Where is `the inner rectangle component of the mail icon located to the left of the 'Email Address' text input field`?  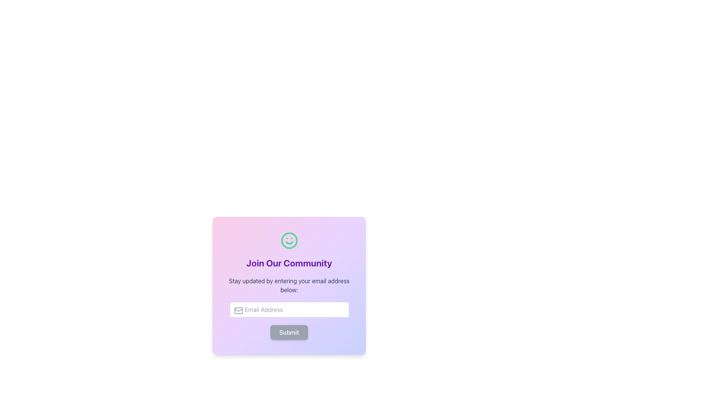
the inner rectangle component of the mail icon located to the left of the 'Email Address' text input field is located at coordinates (238, 311).